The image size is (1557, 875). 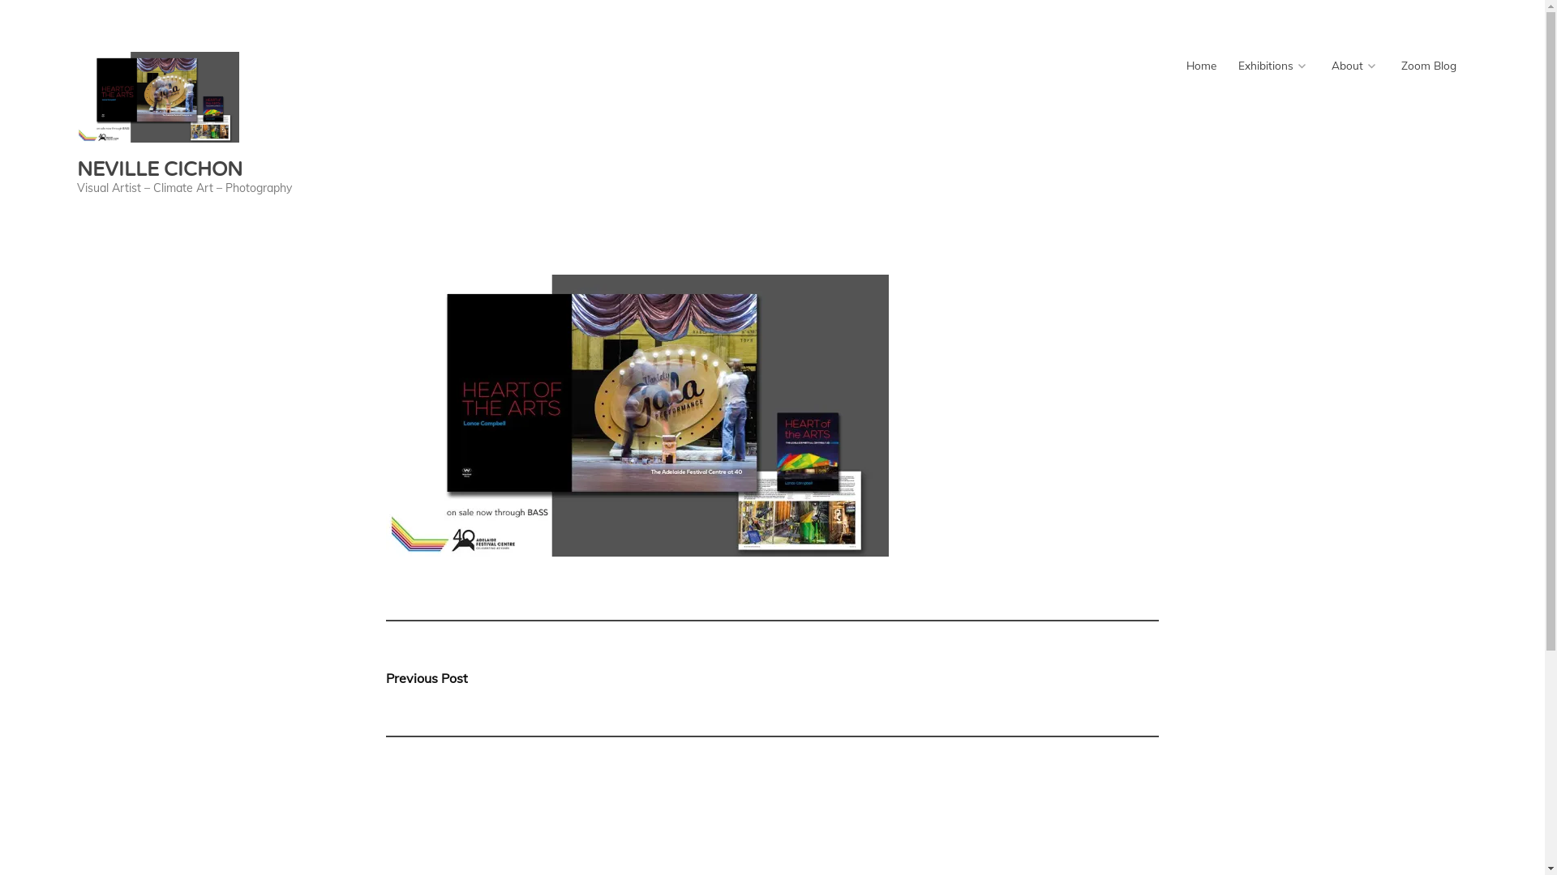 I want to click on 'About', so click(x=1354, y=65).